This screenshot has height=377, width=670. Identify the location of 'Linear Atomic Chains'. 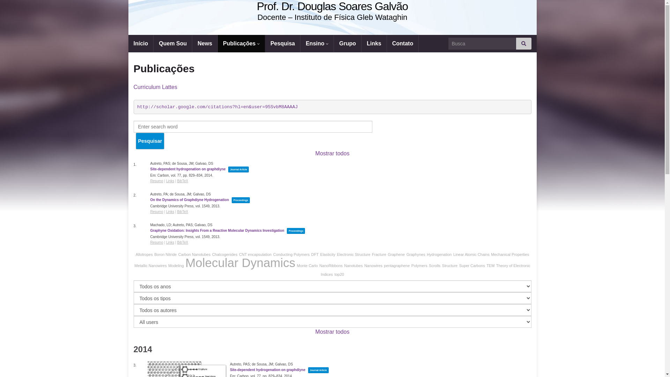
(471, 254).